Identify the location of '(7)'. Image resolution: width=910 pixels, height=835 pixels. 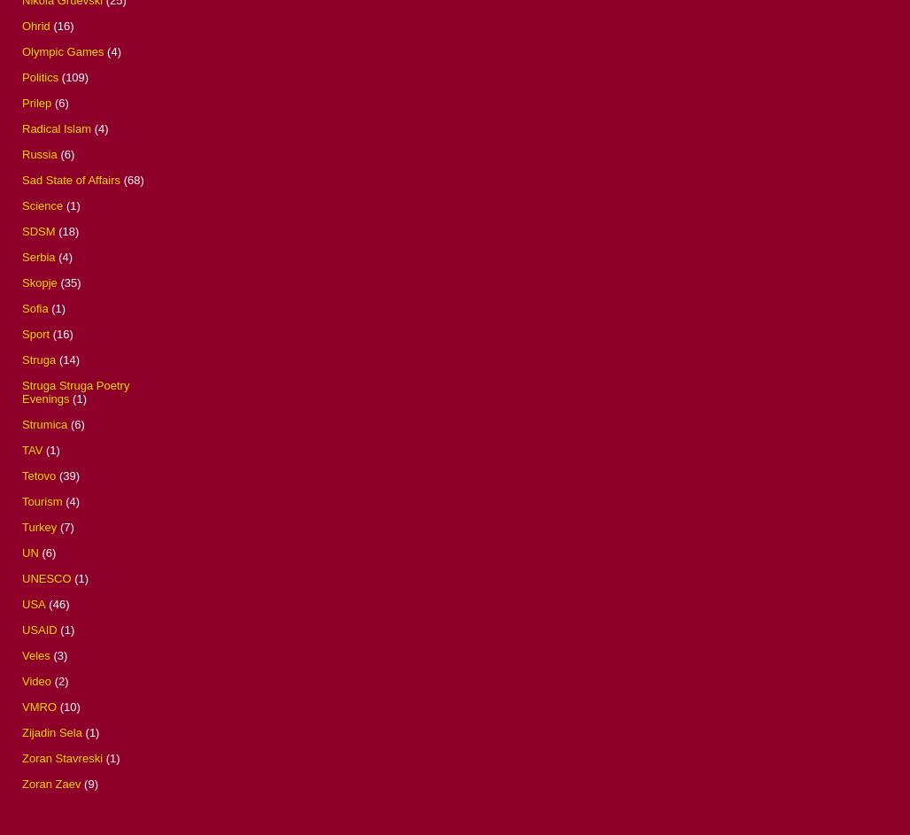
(66, 525).